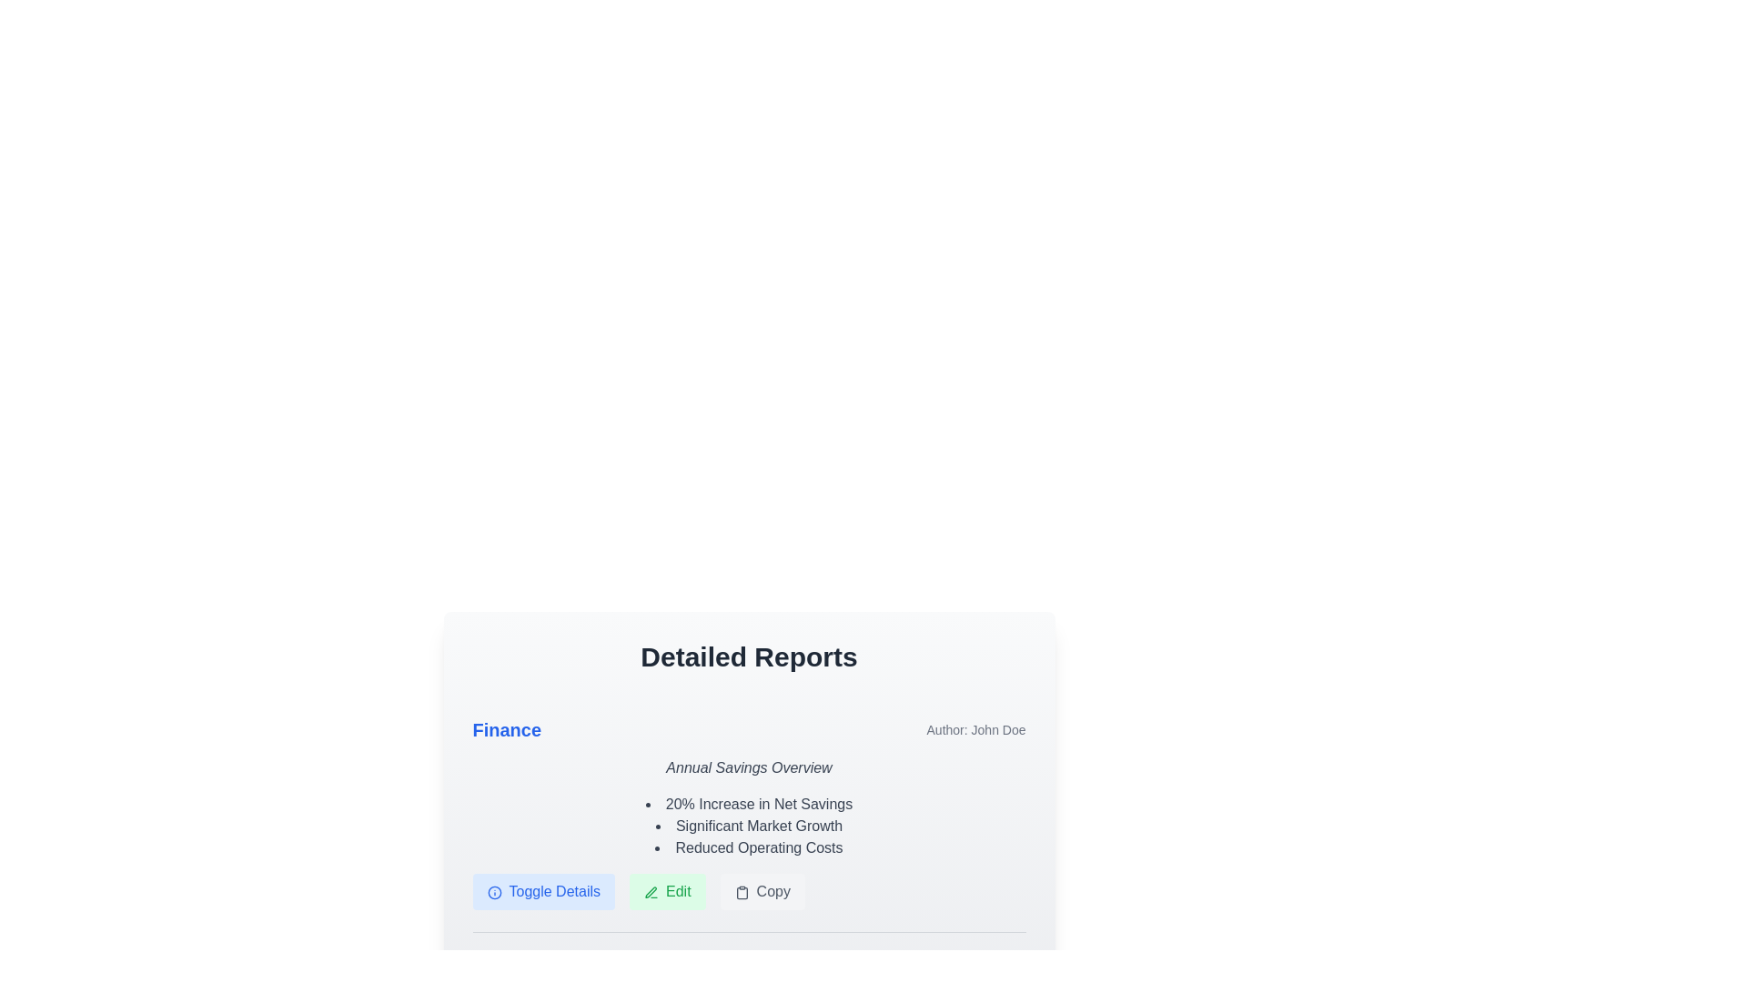 Image resolution: width=1747 pixels, height=982 pixels. Describe the element at coordinates (749, 848) in the screenshot. I see `the third bullet item in the 'Annual Savings Overview' list that conveys the point 'Reduced Operating Costs'` at that location.